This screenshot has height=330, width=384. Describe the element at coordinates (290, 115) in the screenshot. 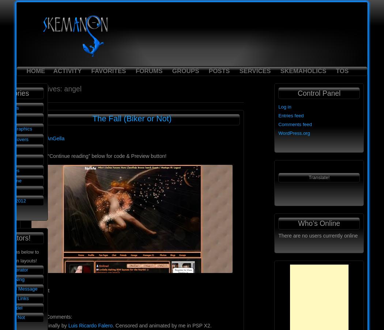

I see `'Entries feed'` at that location.